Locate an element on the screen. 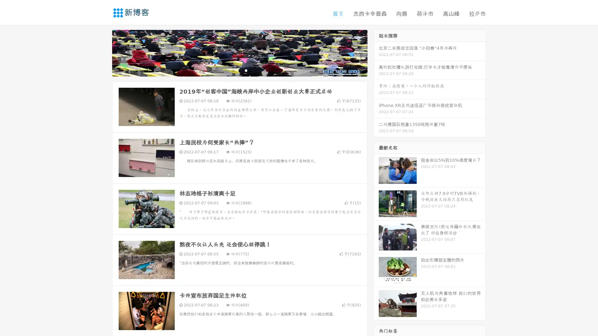  Go to slide 2 is located at coordinates (239, 70).